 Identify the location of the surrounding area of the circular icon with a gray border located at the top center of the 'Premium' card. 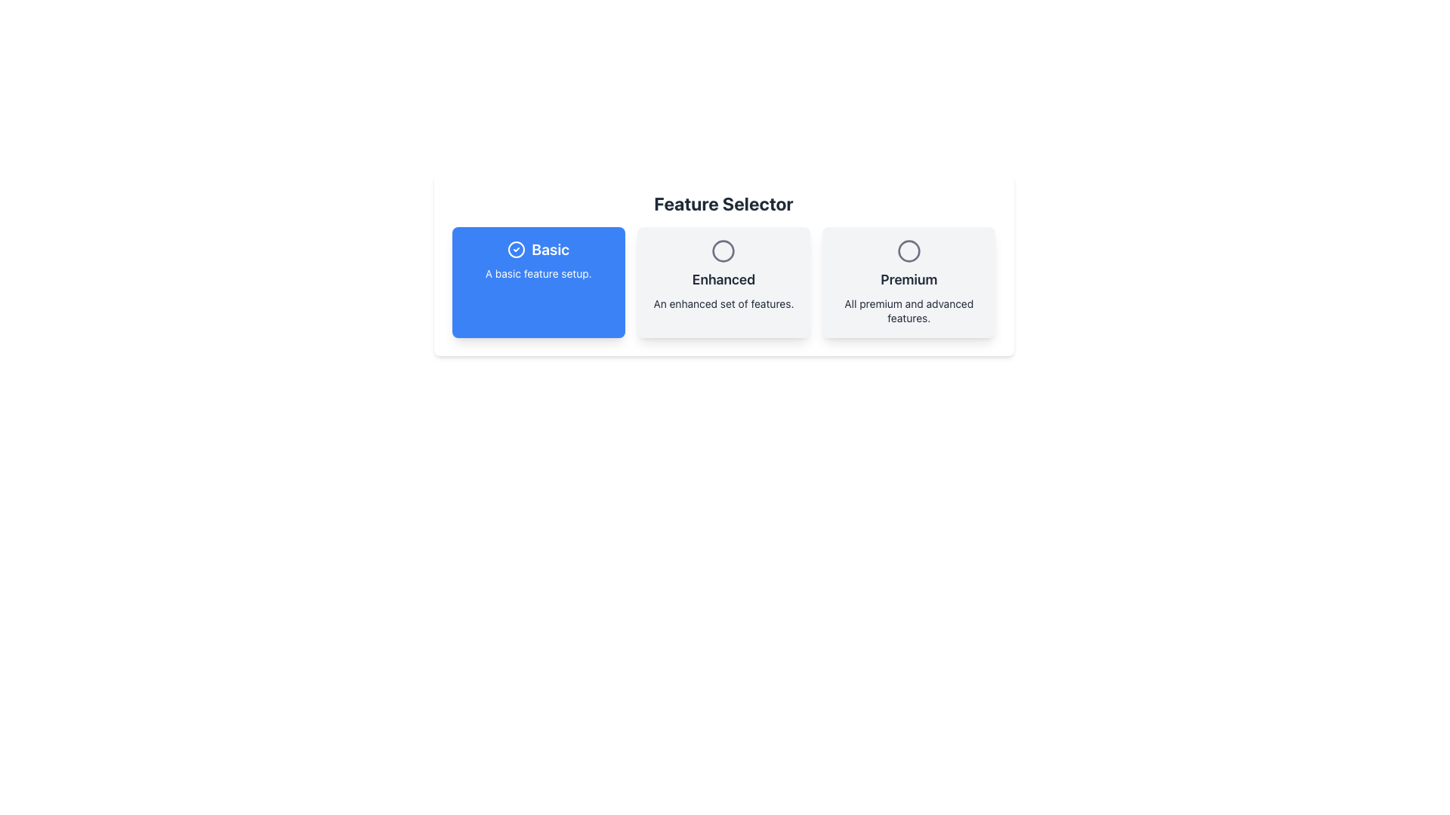
(908, 250).